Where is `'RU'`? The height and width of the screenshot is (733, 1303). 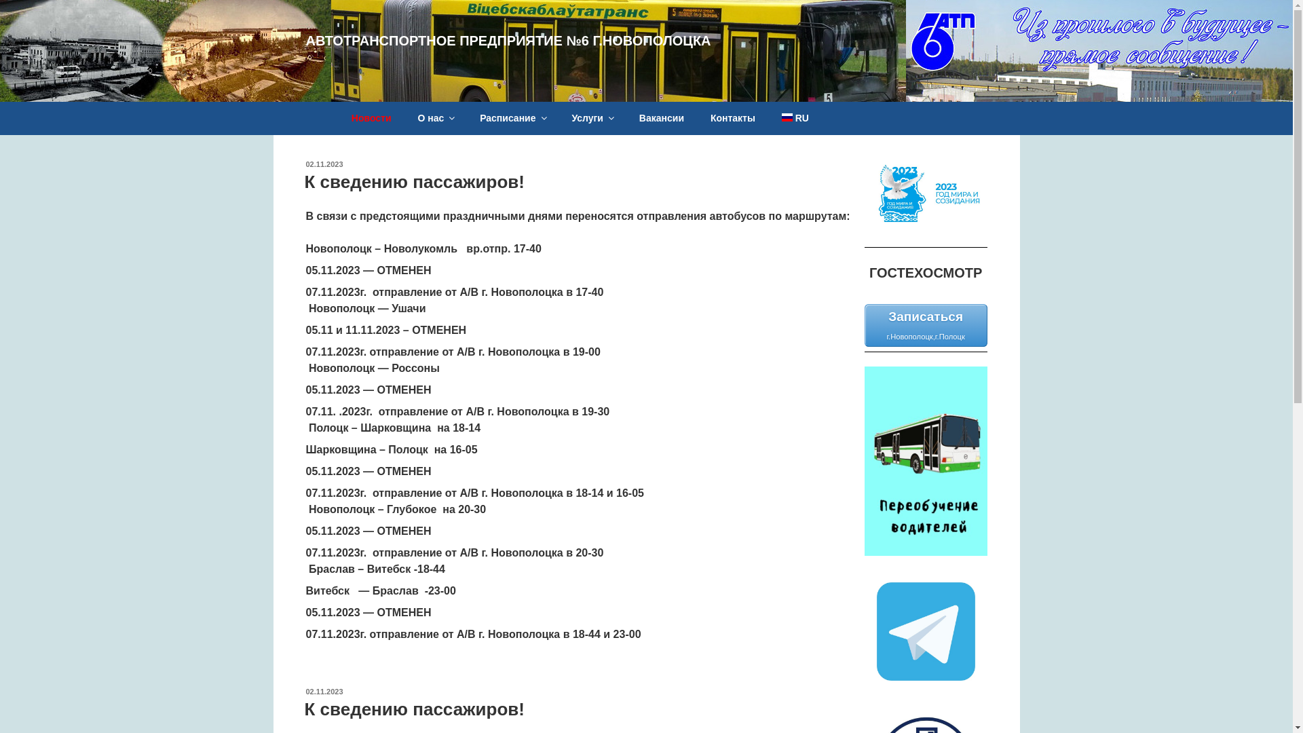
'RU' is located at coordinates (795, 117).